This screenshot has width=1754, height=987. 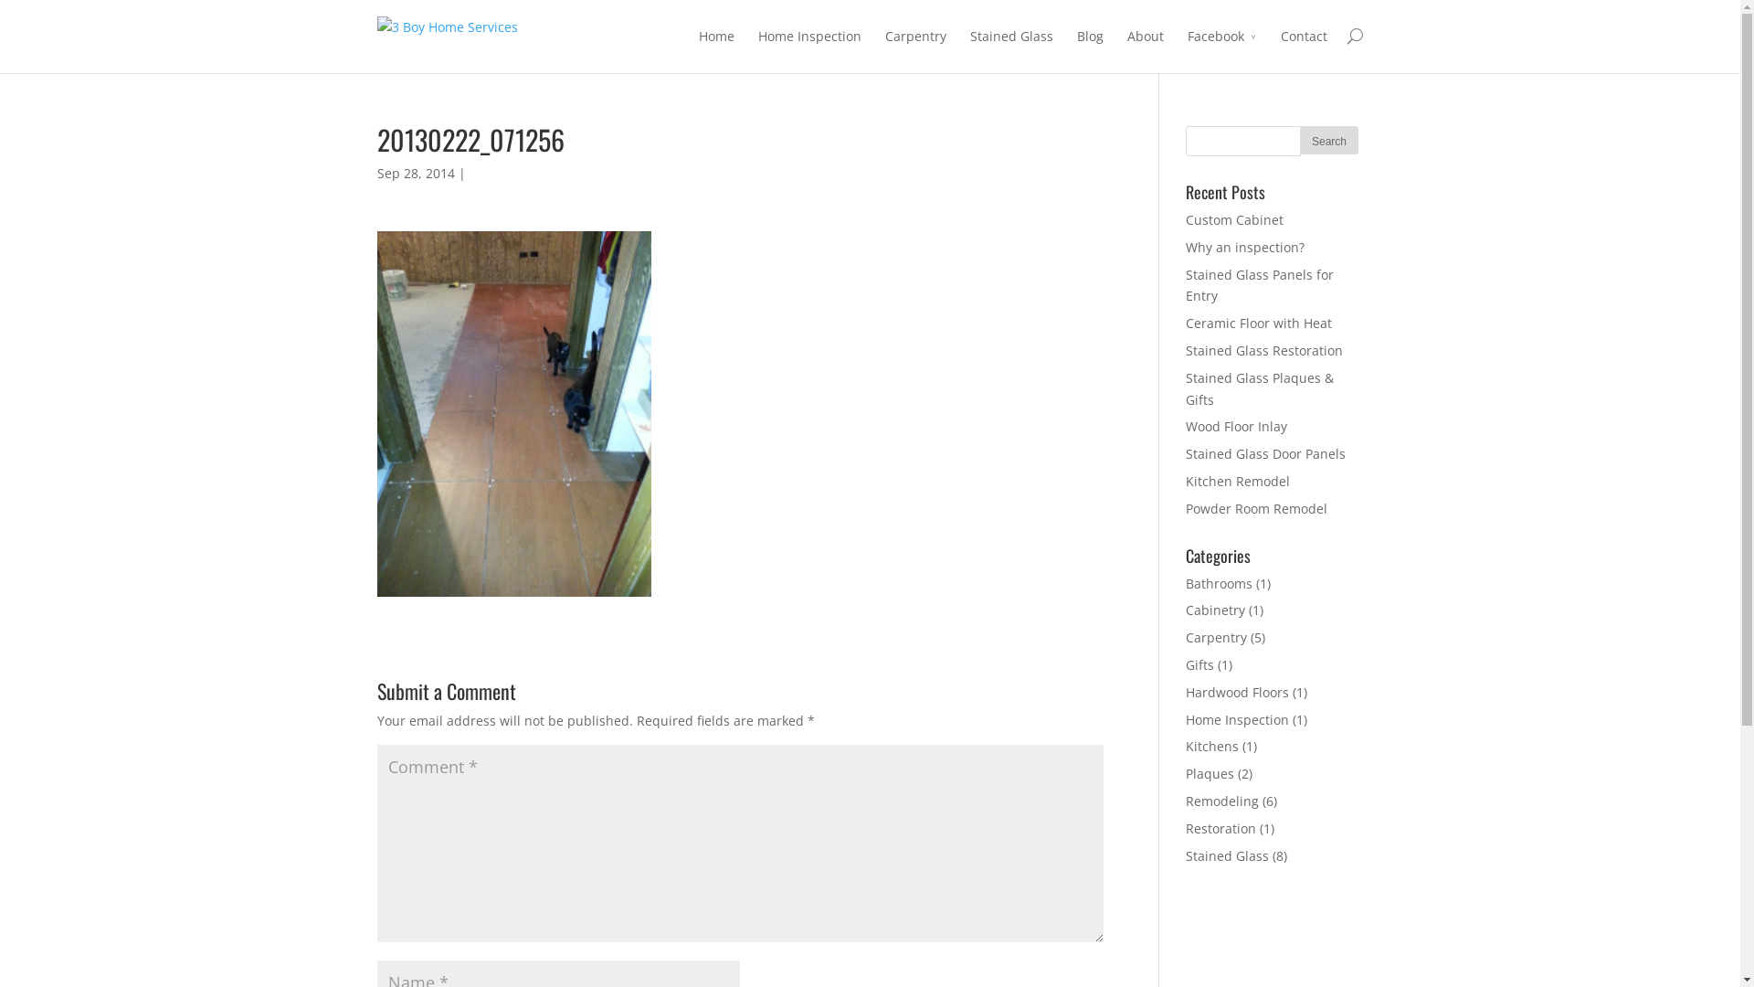 I want to click on 'Cabinetry', so click(x=1185, y=610).